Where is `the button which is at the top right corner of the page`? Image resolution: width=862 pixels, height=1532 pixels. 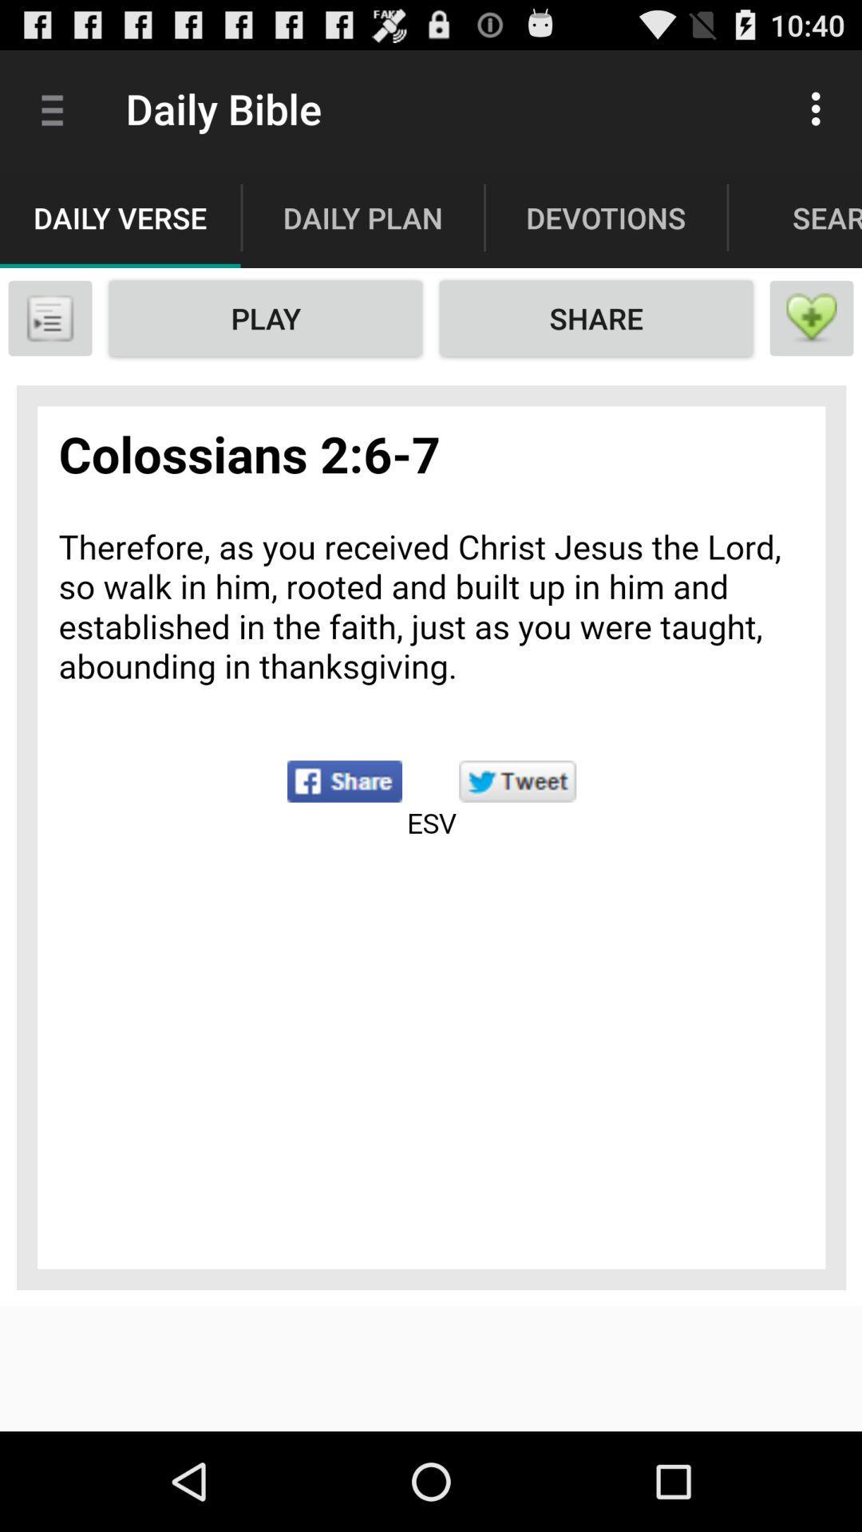
the button which is at the top right corner of the page is located at coordinates (820, 109).